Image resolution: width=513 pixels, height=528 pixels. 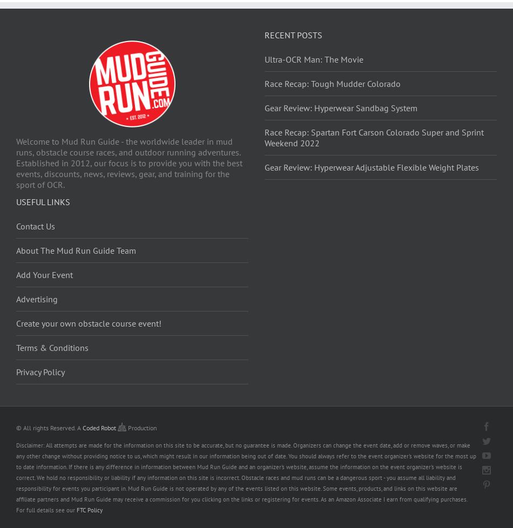 I want to click on 'Privacy Policy', so click(x=40, y=371).